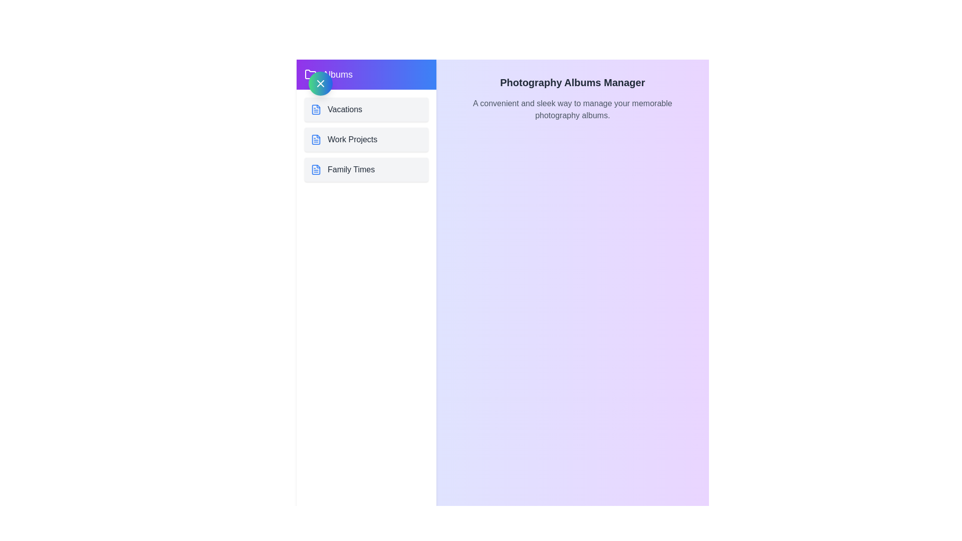  Describe the element at coordinates (320, 83) in the screenshot. I see `toggle button located at the top left corner of the drawer` at that location.